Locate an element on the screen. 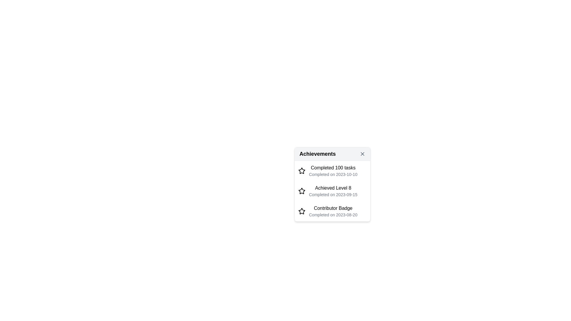 Image resolution: width=571 pixels, height=321 pixels. the text label indicating the title or key message of the second achievement entry in the 'Achievements' panel, which is positioned above 'Completed on 2023-09-15' and below 'Completed 100 tasks.' is located at coordinates (333, 188).